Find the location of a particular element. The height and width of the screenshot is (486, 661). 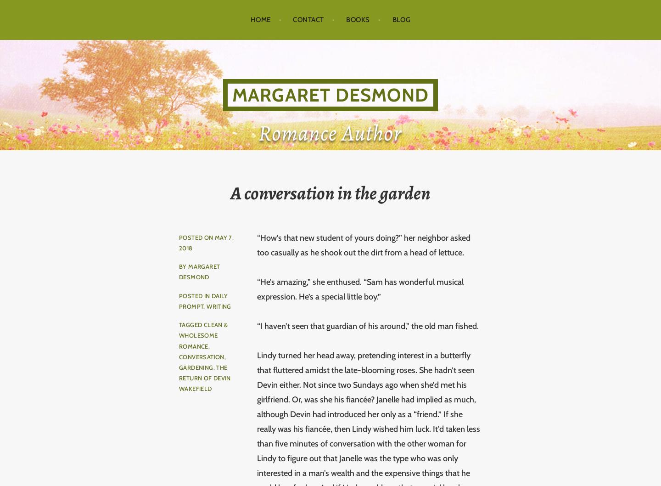

'Daily Prompt' is located at coordinates (203, 300).